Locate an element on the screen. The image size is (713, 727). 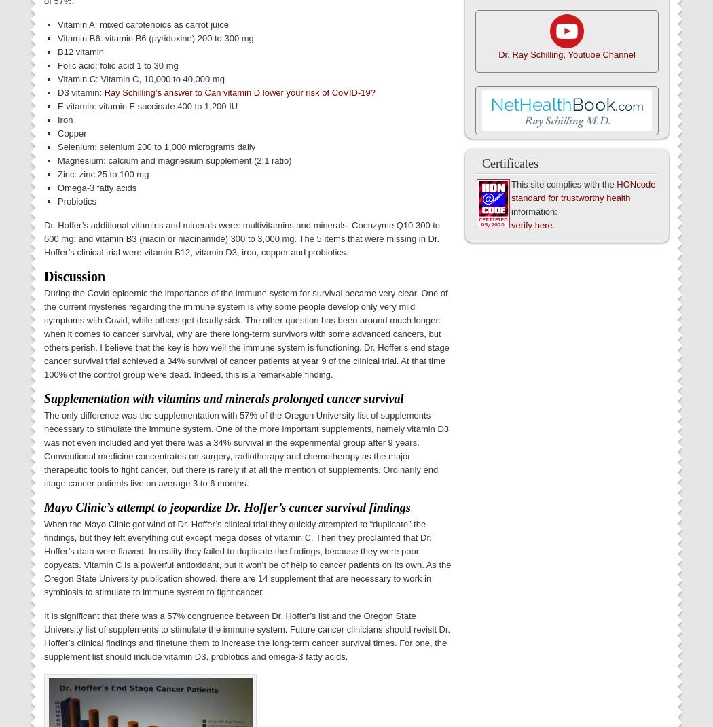
'Magnesium: calcium and magnesium supplement (2:1 ratio)' is located at coordinates (175, 159).